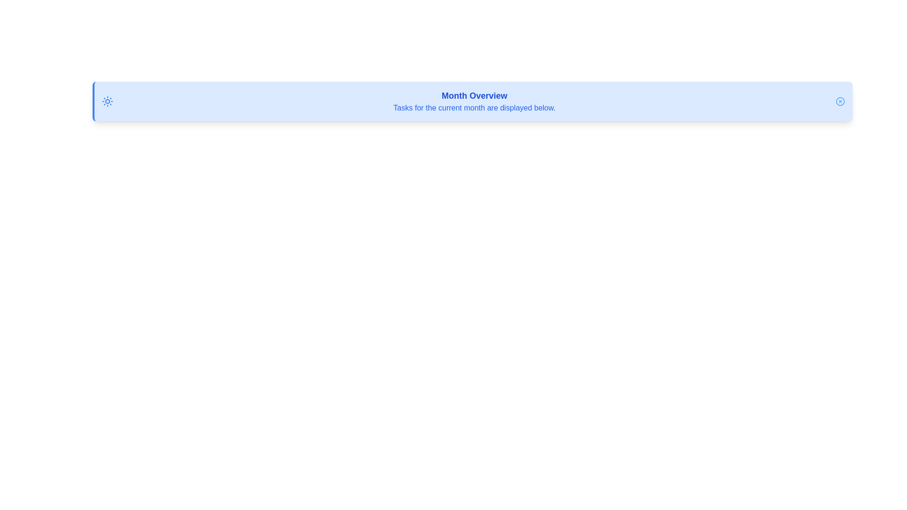 The height and width of the screenshot is (510, 907). What do you see at coordinates (840, 102) in the screenshot?
I see `the close button of the alert panel` at bounding box center [840, 102].